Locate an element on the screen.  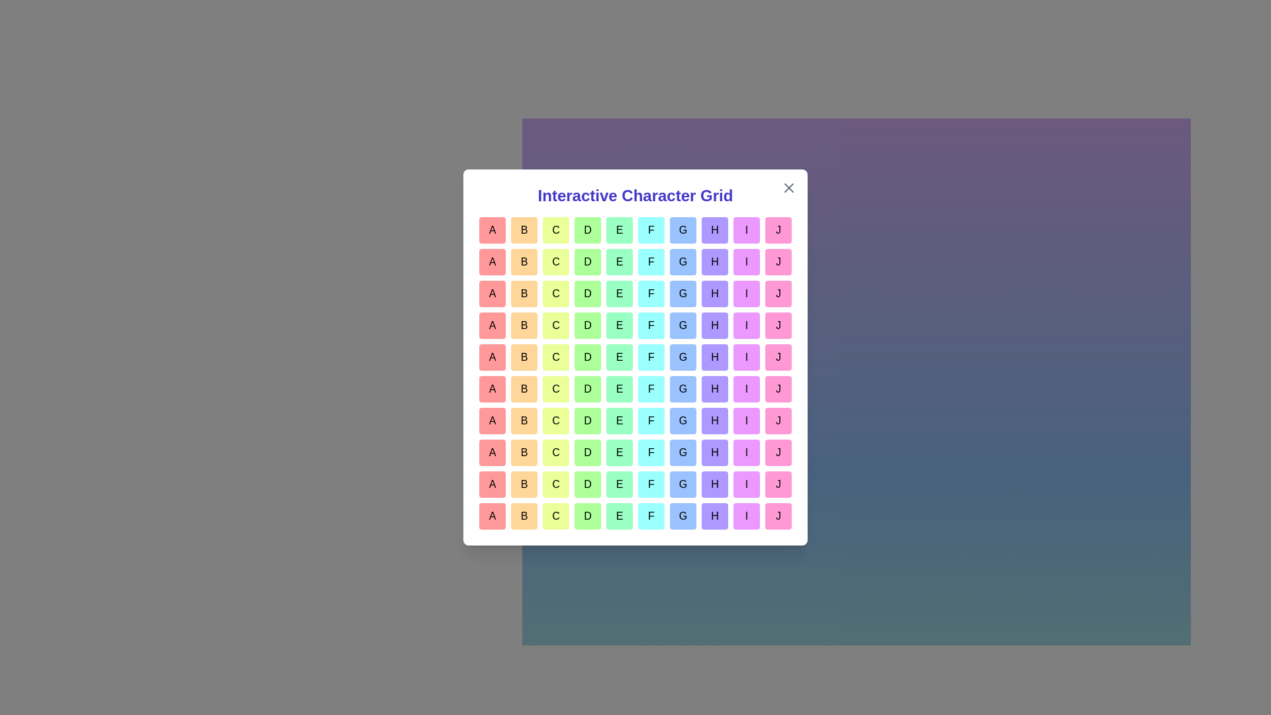
the grid cell labeled D is located at coordinates (587, 229).